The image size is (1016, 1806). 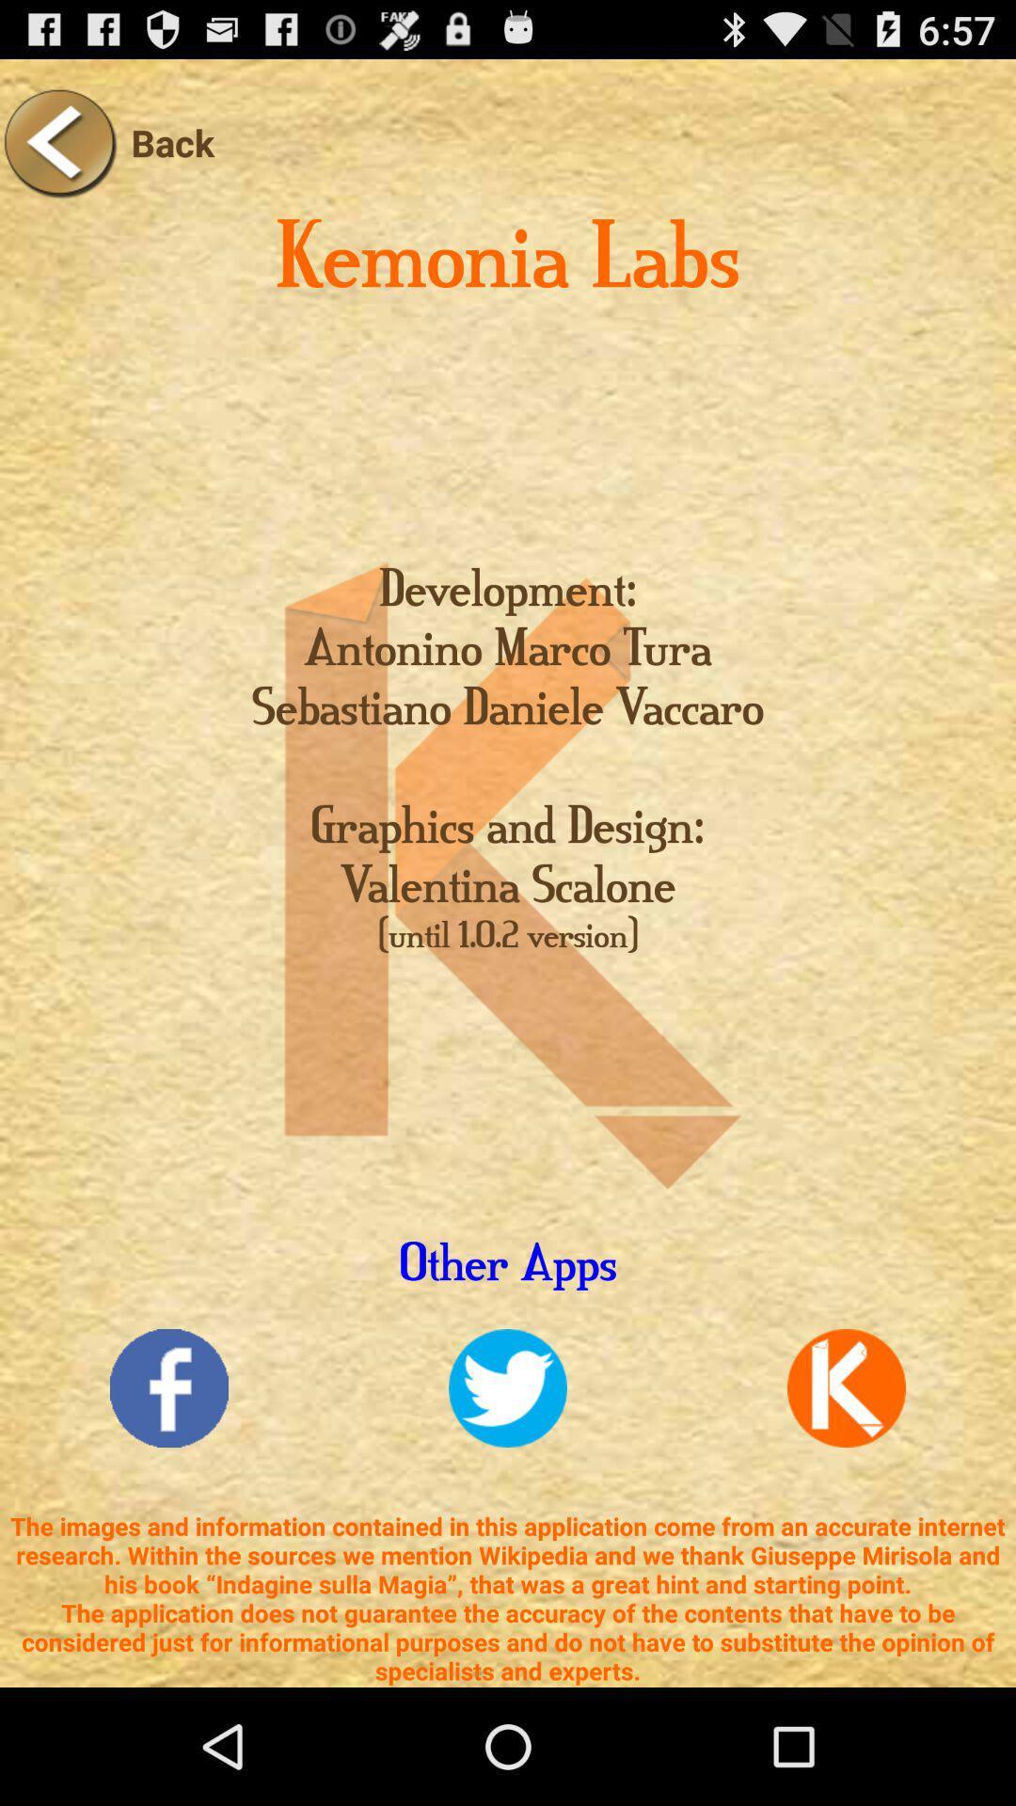 What do you see at coordinates (845, 1388) in the screenshot?
I see `open kemonia app` at bounding box center [845, 1388].